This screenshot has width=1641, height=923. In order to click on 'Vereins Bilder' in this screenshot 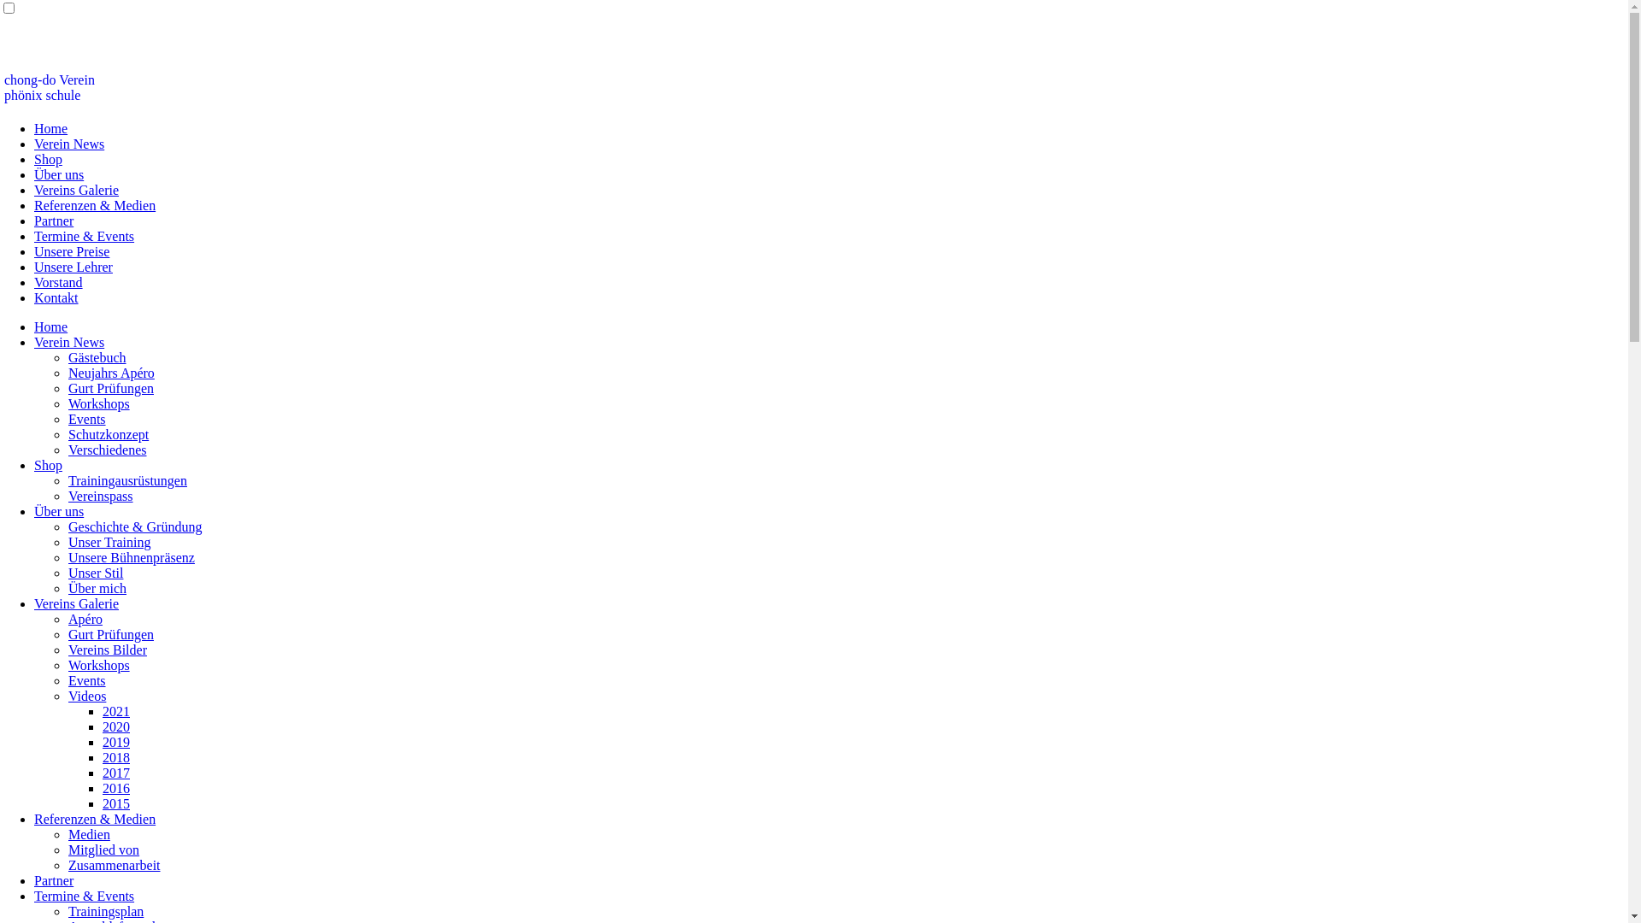, I will do `click(106, 650)`.